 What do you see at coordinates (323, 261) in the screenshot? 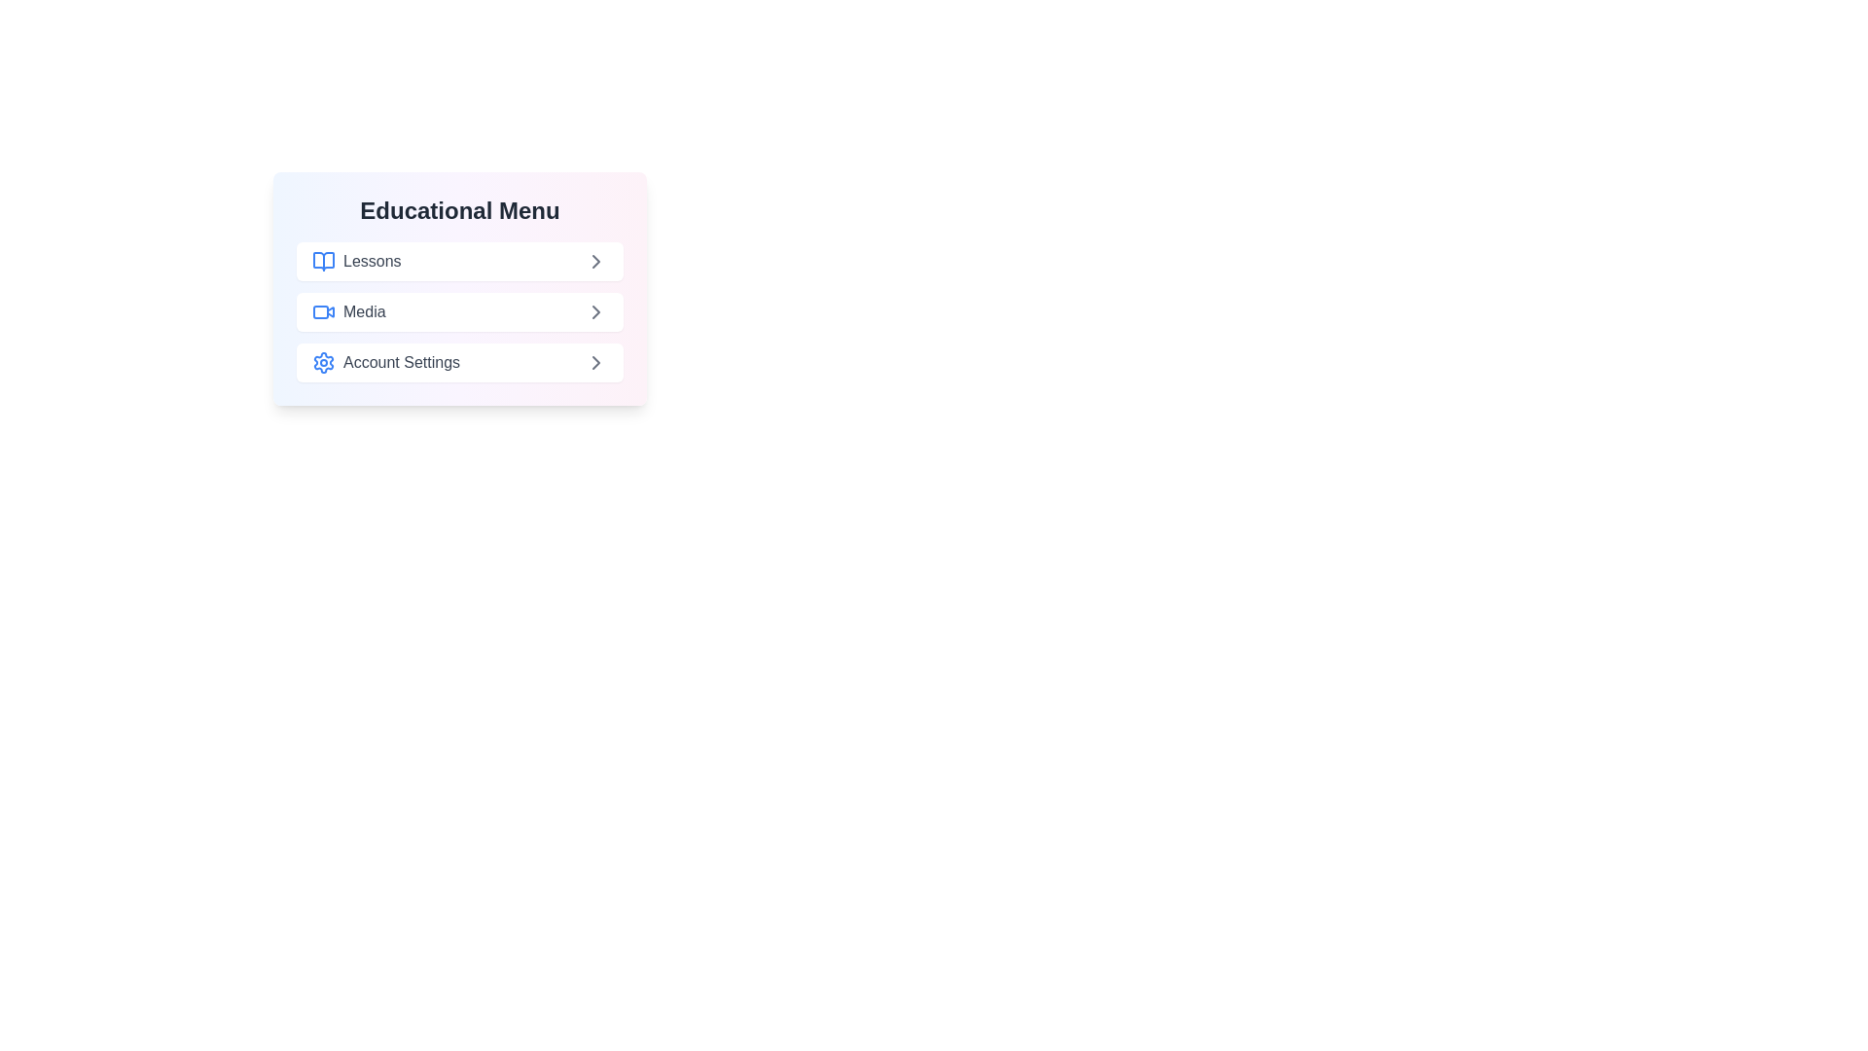
I see `the 'Lessons' icon in the 'Educational Menu', which is the first icon on the left of the 'Lessons' label` at bounding box center [323, 261].